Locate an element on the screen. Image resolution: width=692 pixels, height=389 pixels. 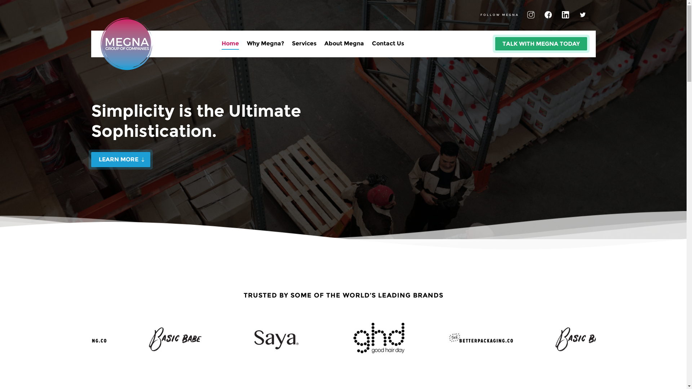
'TALK WITH MEGNA TODAY' is located at coordinates (494, 44).